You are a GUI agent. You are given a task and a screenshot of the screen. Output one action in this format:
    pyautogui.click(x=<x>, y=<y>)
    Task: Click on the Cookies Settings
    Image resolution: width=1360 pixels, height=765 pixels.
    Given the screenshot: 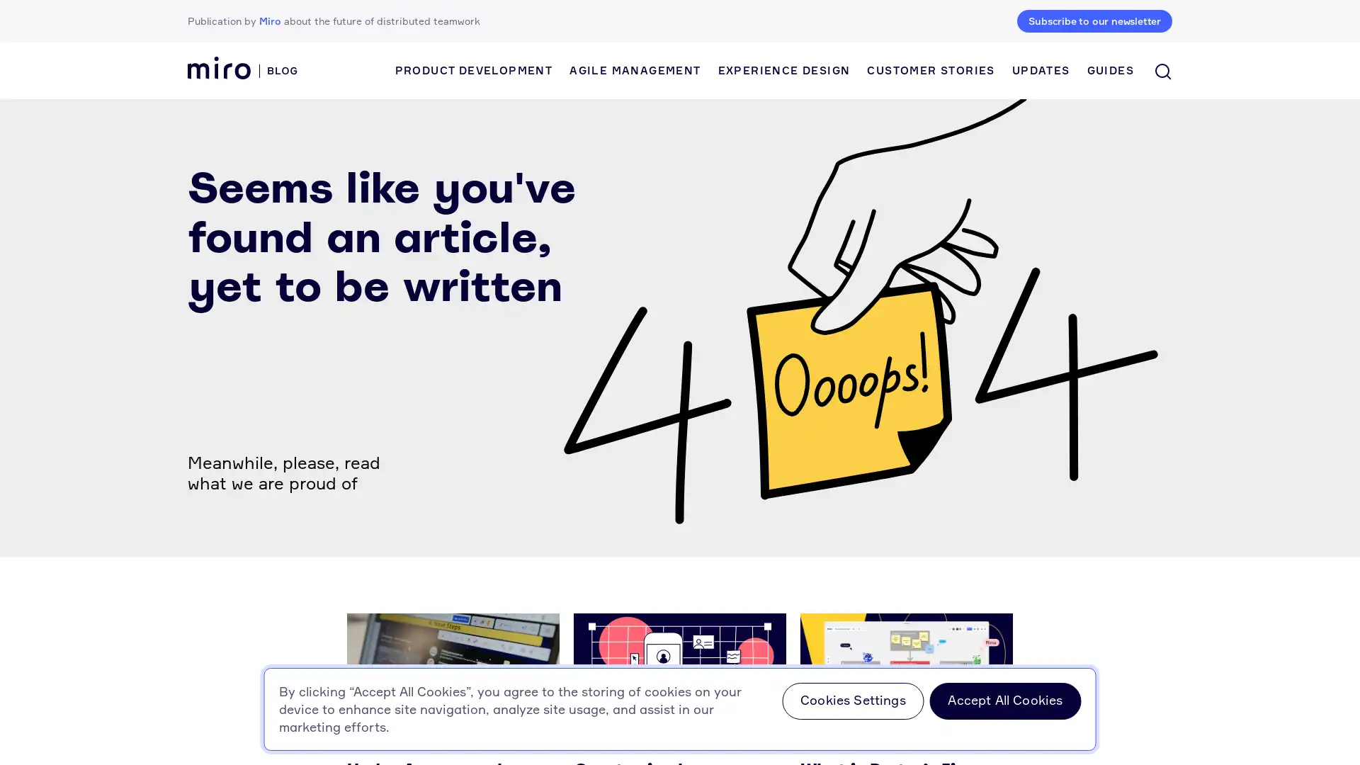 What is the action you would take?
    pyautogui.click(x=852, y=701)
    